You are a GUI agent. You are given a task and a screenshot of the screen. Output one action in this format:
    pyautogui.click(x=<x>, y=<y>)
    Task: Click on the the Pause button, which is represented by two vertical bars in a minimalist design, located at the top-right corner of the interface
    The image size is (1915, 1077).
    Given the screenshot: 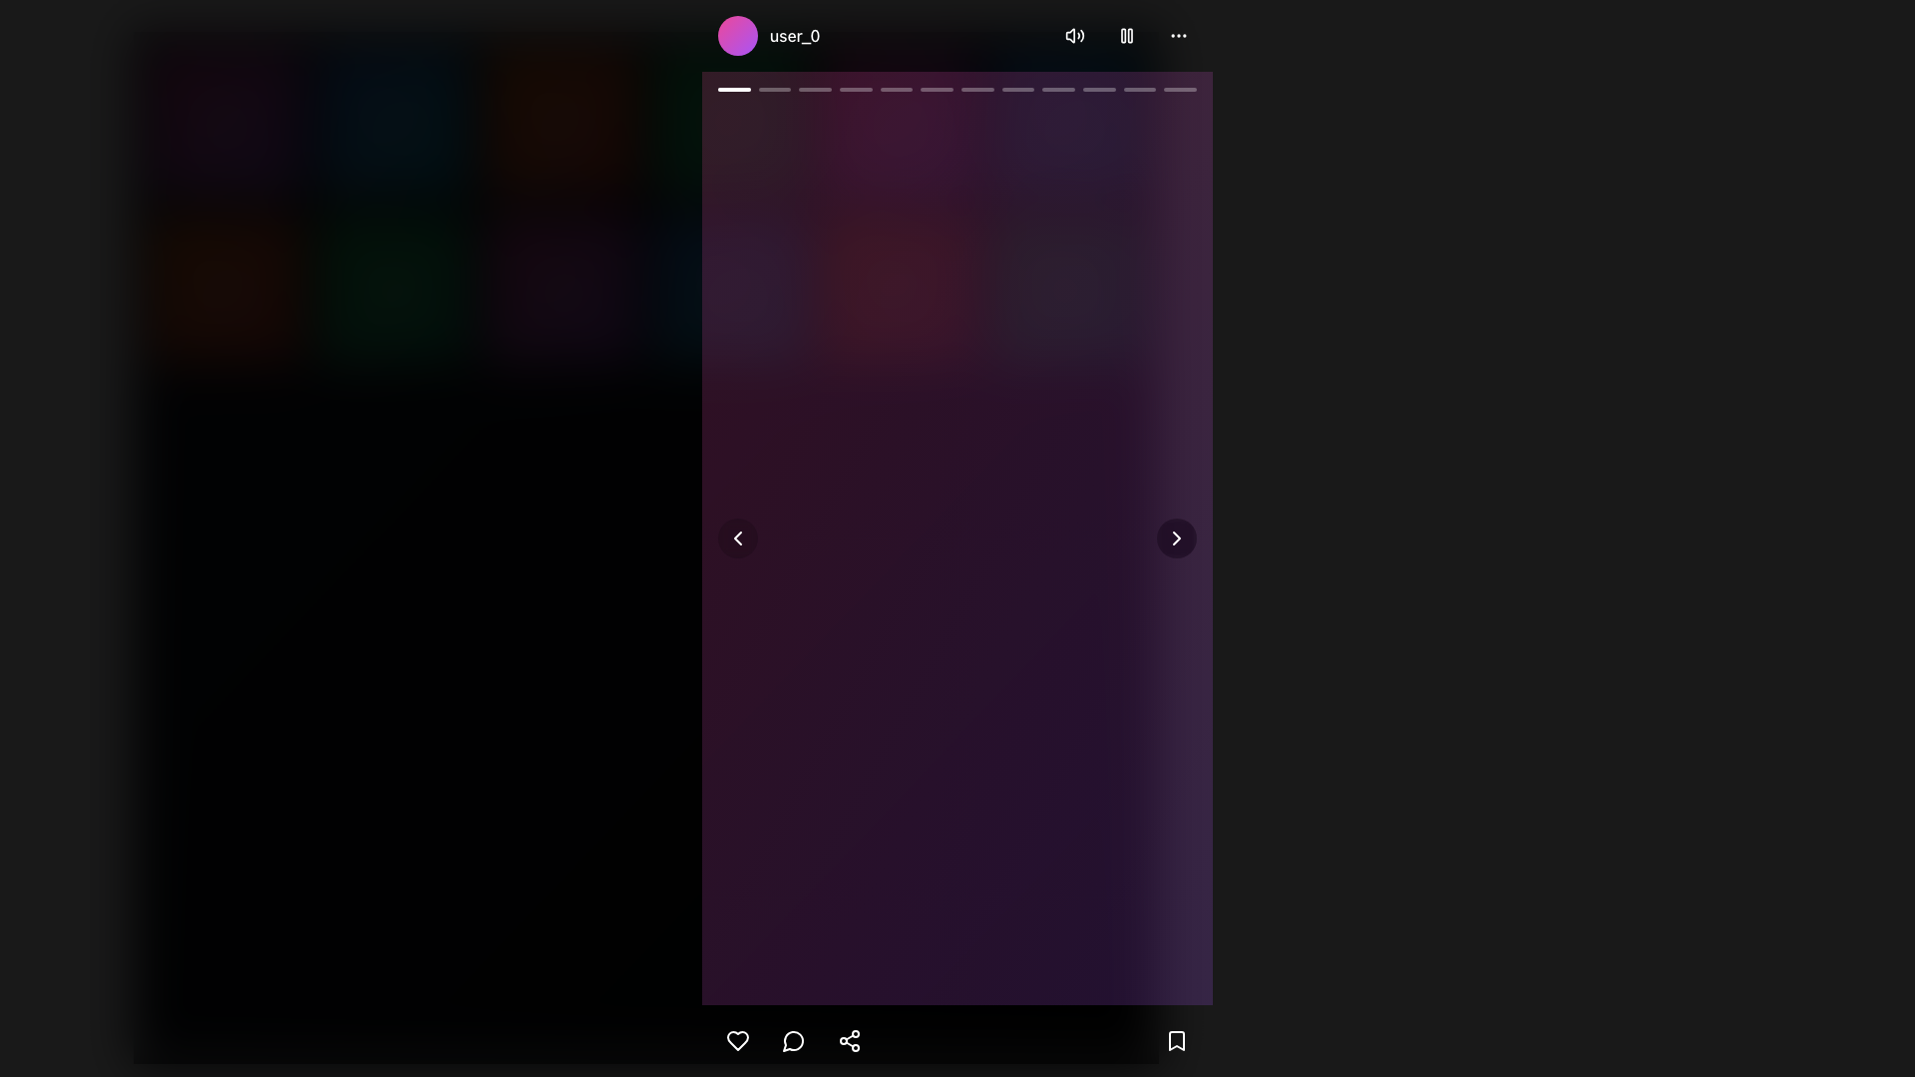 What is the action you would take?
    pyautogui.click(x=1126, y=35)
    